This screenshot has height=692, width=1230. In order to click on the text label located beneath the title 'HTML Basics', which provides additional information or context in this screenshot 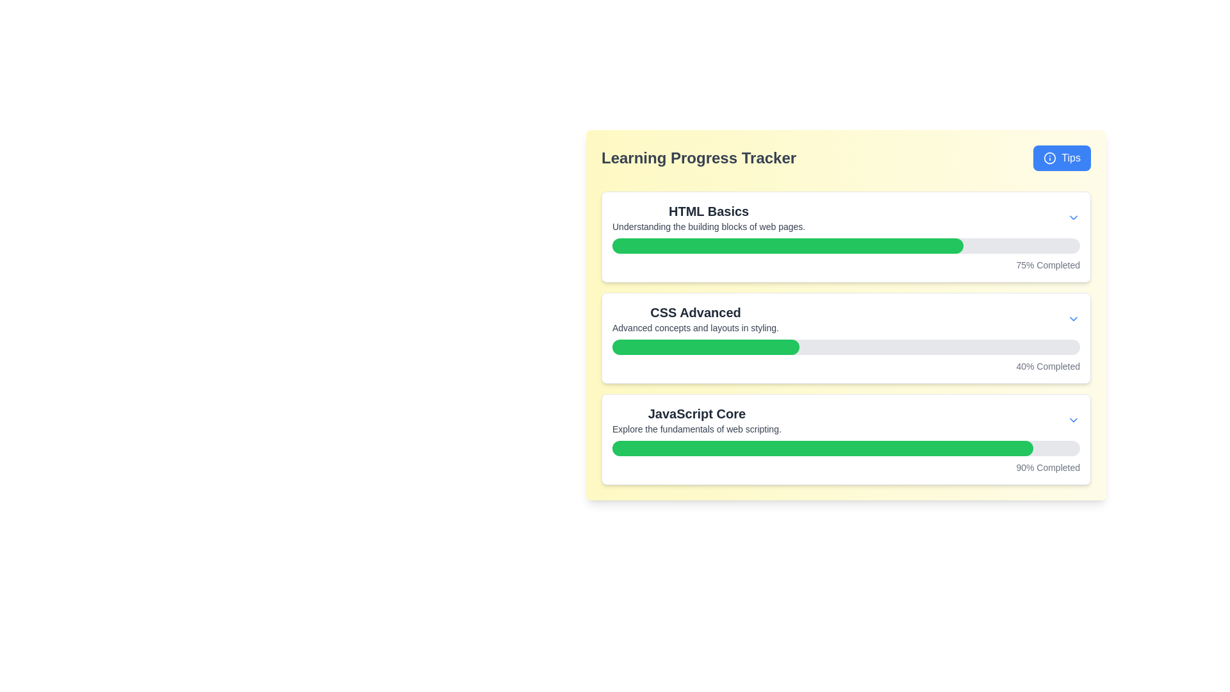, I will do `click(708, 226)`.